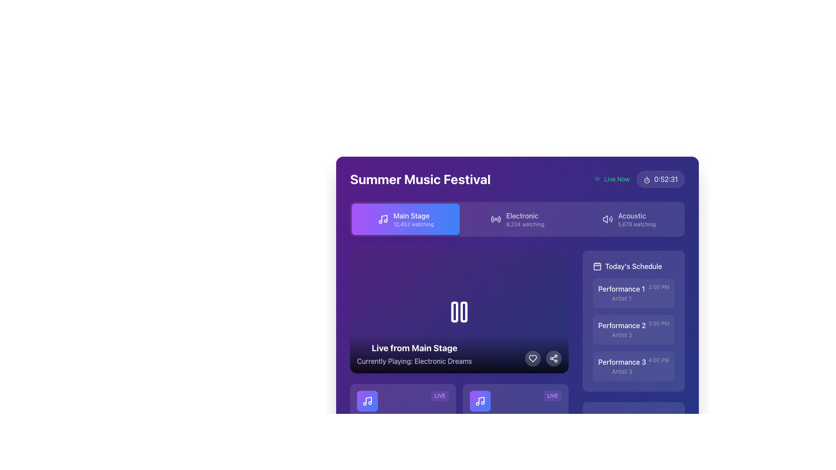 The width and height of the screenshot is (836, 470). I want to click on the second entry in the 'Today's Schedule' list, titled 'Performance 2', to trigger a visual response, so click(634, 330).